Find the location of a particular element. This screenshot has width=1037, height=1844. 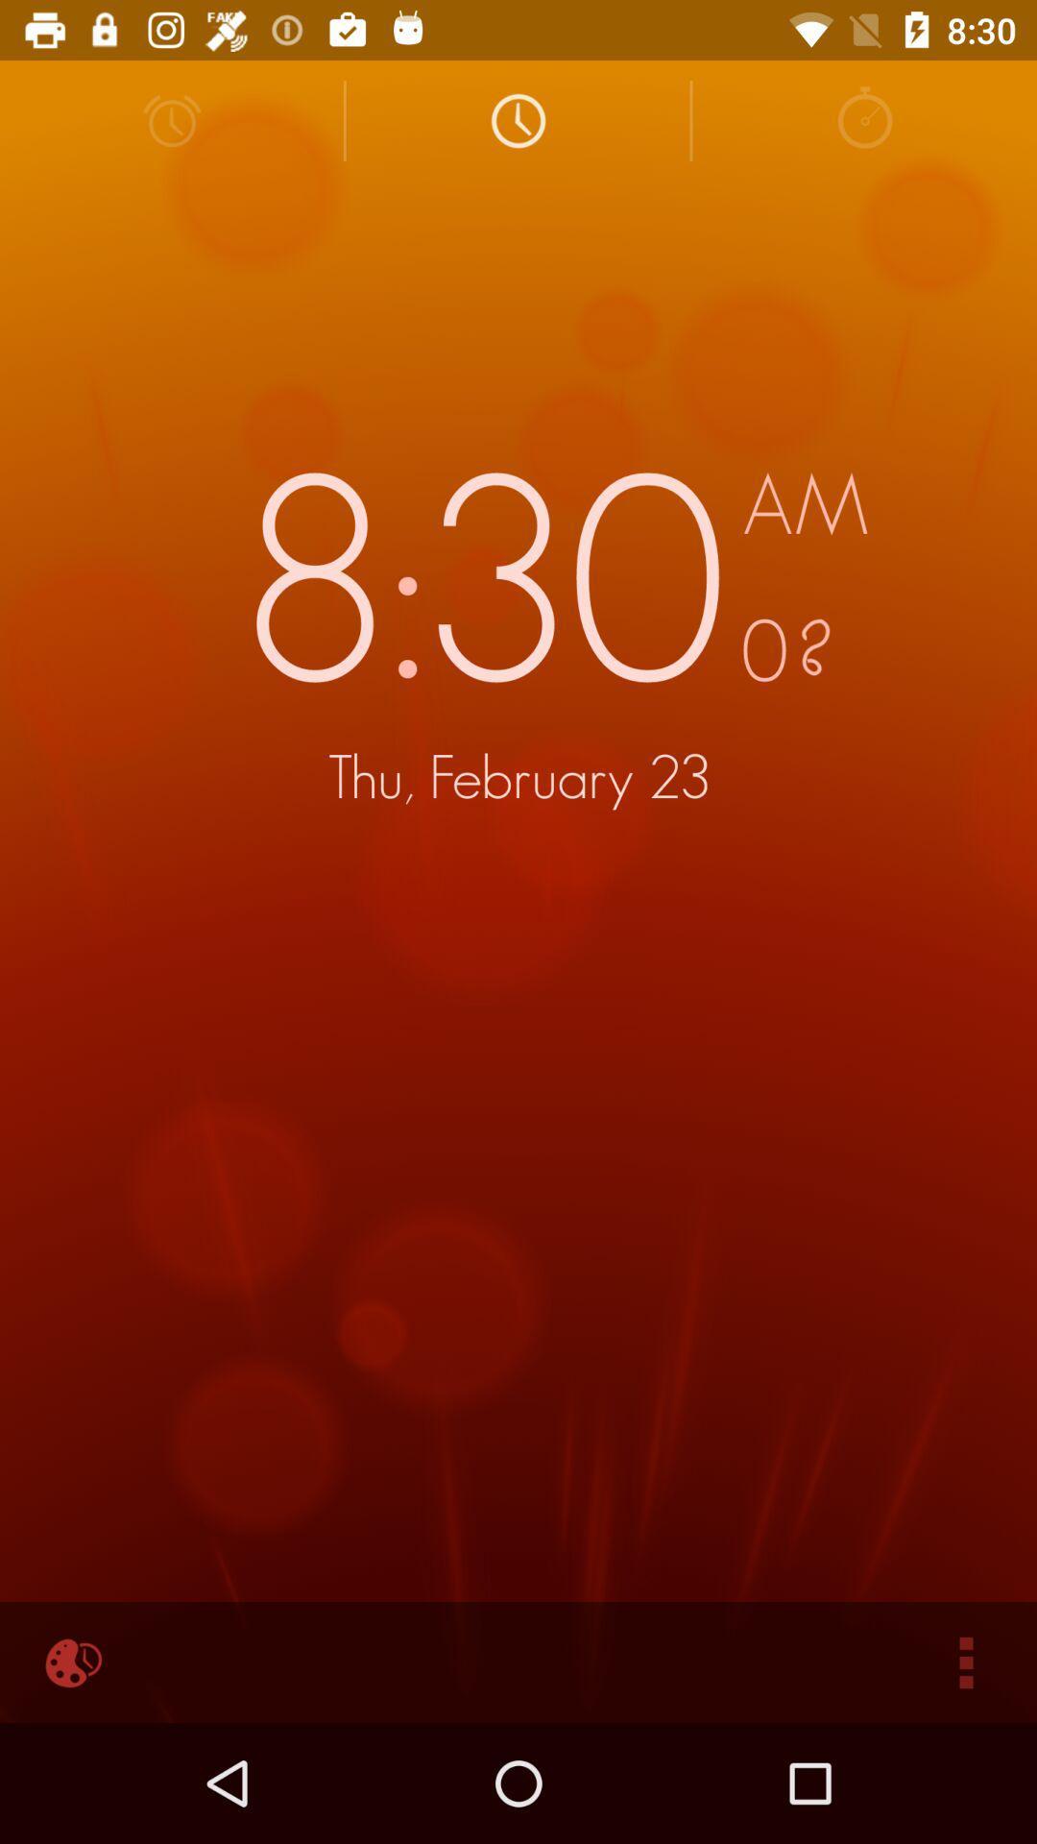

this will allow you to change the background color is located at coordinates (69, 1662).